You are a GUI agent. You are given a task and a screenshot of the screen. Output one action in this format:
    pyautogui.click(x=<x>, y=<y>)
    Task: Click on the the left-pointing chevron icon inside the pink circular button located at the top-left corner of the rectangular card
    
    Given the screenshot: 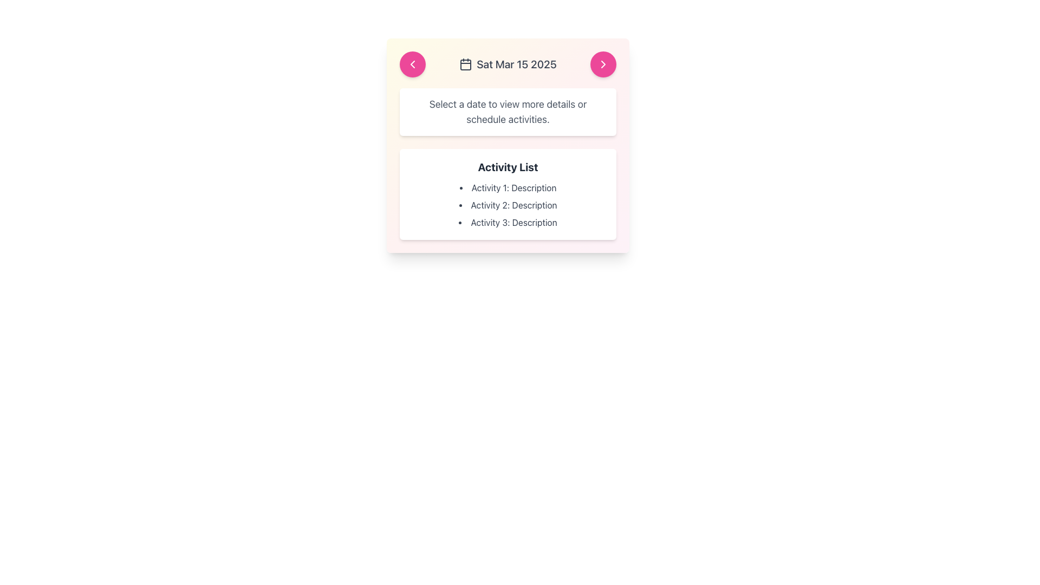 What is the action you would take?
    pyautogui.click(x=412, y=64)
    